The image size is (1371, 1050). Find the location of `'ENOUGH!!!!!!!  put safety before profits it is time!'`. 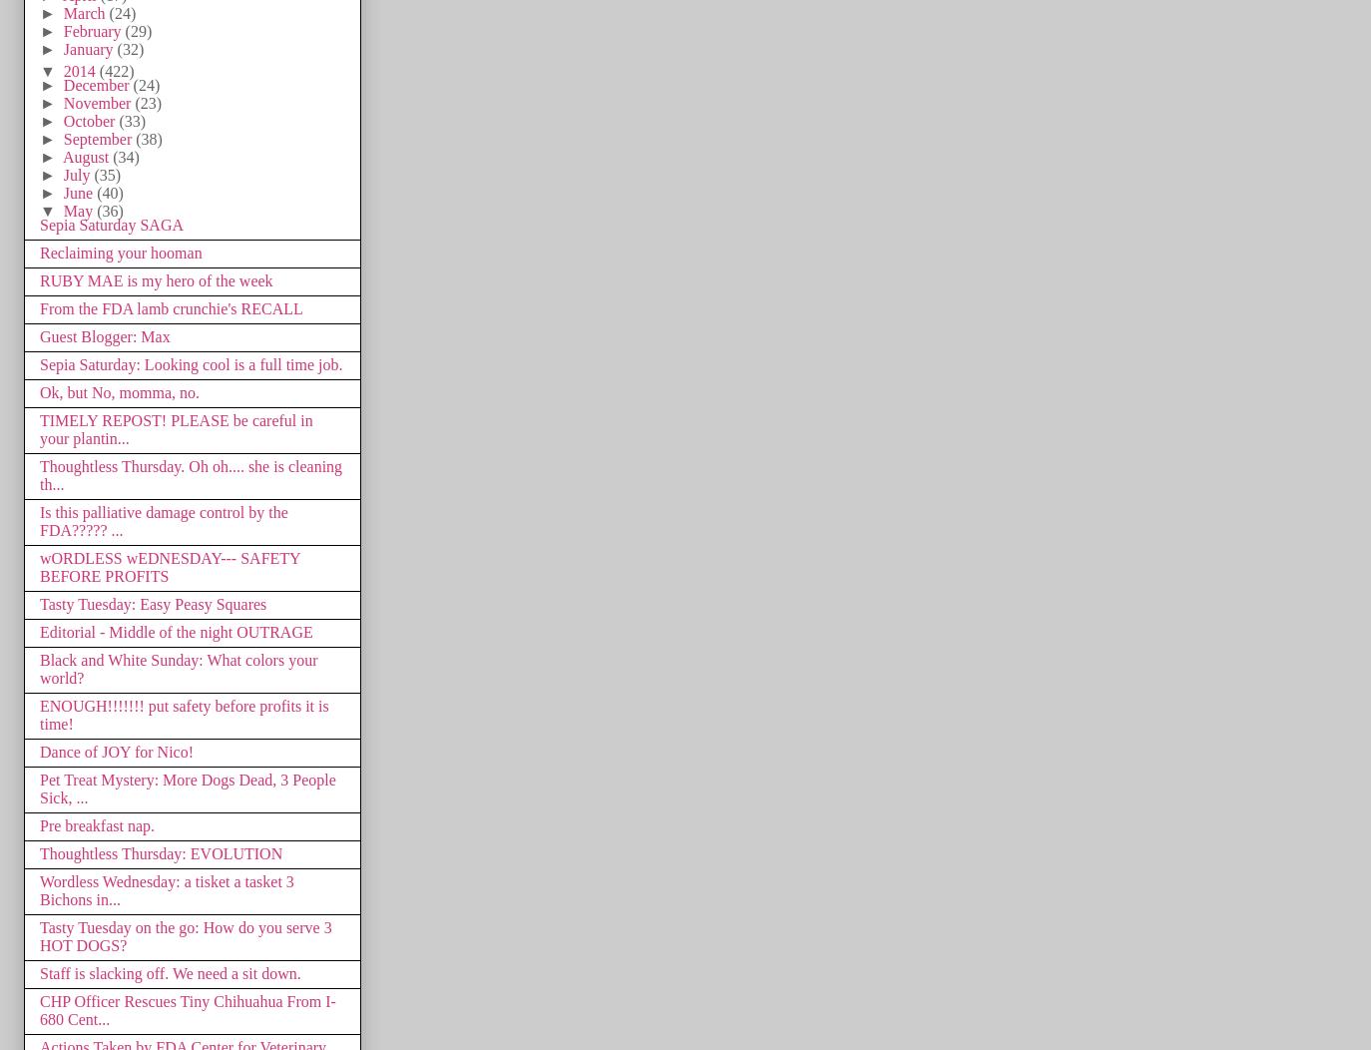

'ENOUGH!!!!!!!  put safety before profits it is time!' is located at coordinates (183, 714).